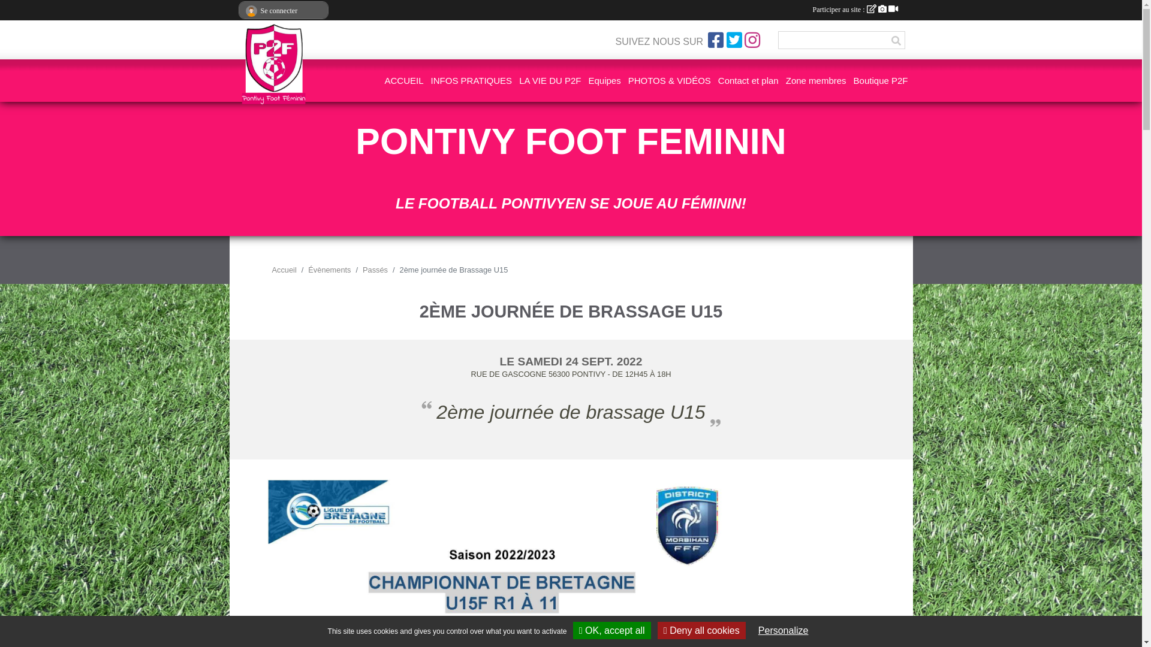 Image resolution: width=1151 pixels, height=647 pixels. I want to click on 'Accueil', so click(284, 270).